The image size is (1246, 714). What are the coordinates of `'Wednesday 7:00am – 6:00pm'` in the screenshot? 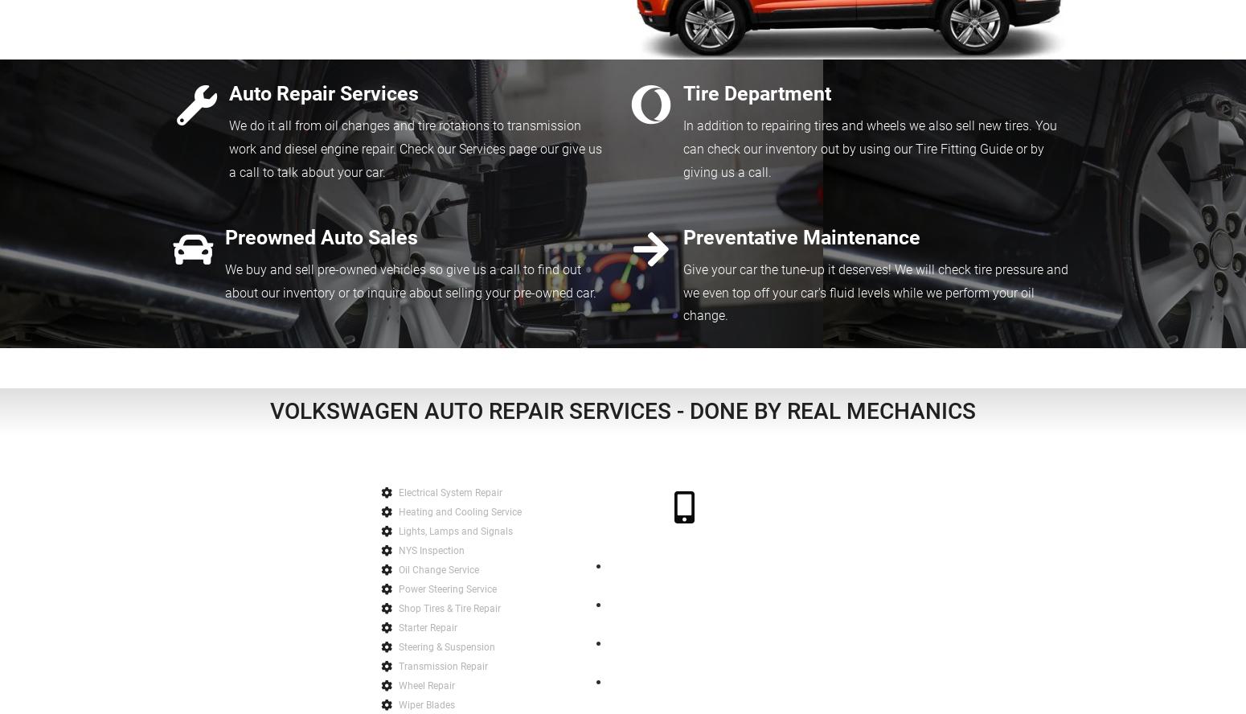 It's located at (683, 652).